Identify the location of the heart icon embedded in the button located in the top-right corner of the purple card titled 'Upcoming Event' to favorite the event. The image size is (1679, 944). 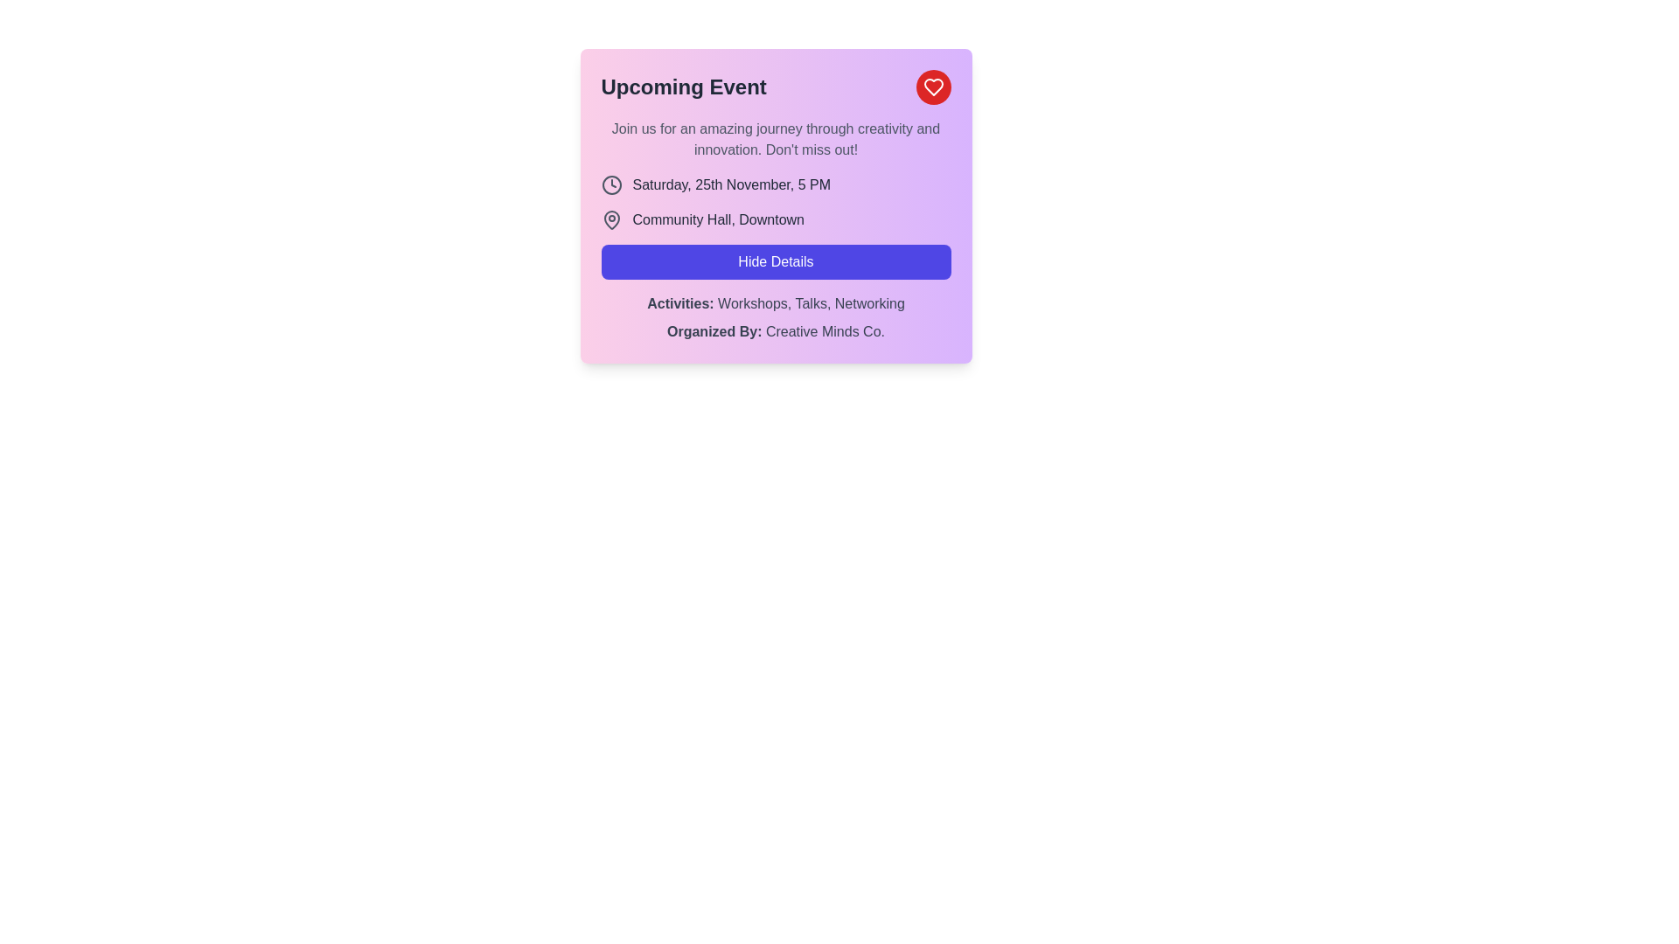
(932, 87).